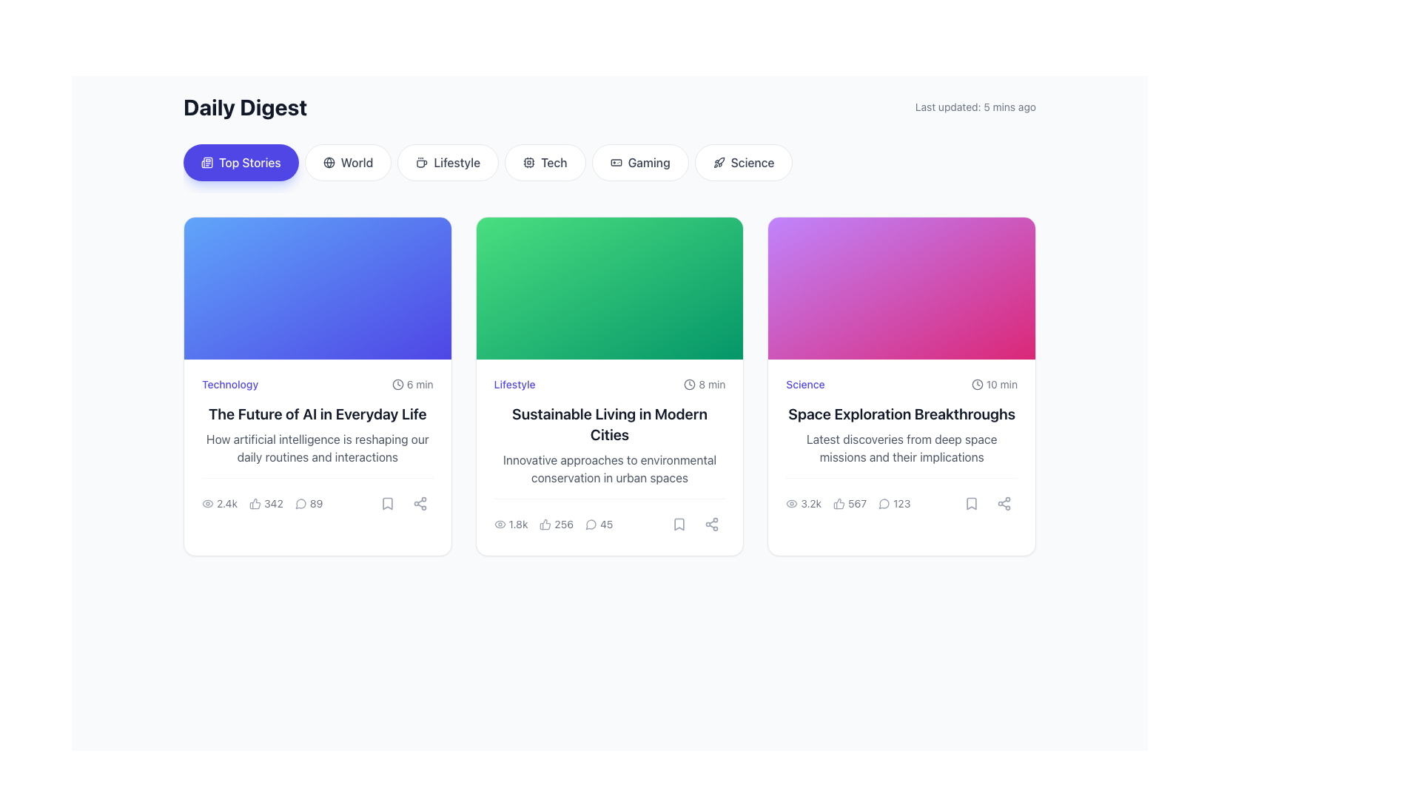  I want to click on the bookmark icon button located at the bottom right corner of the rightmost card in the layout, which is represented by a black-styled SVG graphic with a vertical rectangle and a triangular point, so click(971, 503).